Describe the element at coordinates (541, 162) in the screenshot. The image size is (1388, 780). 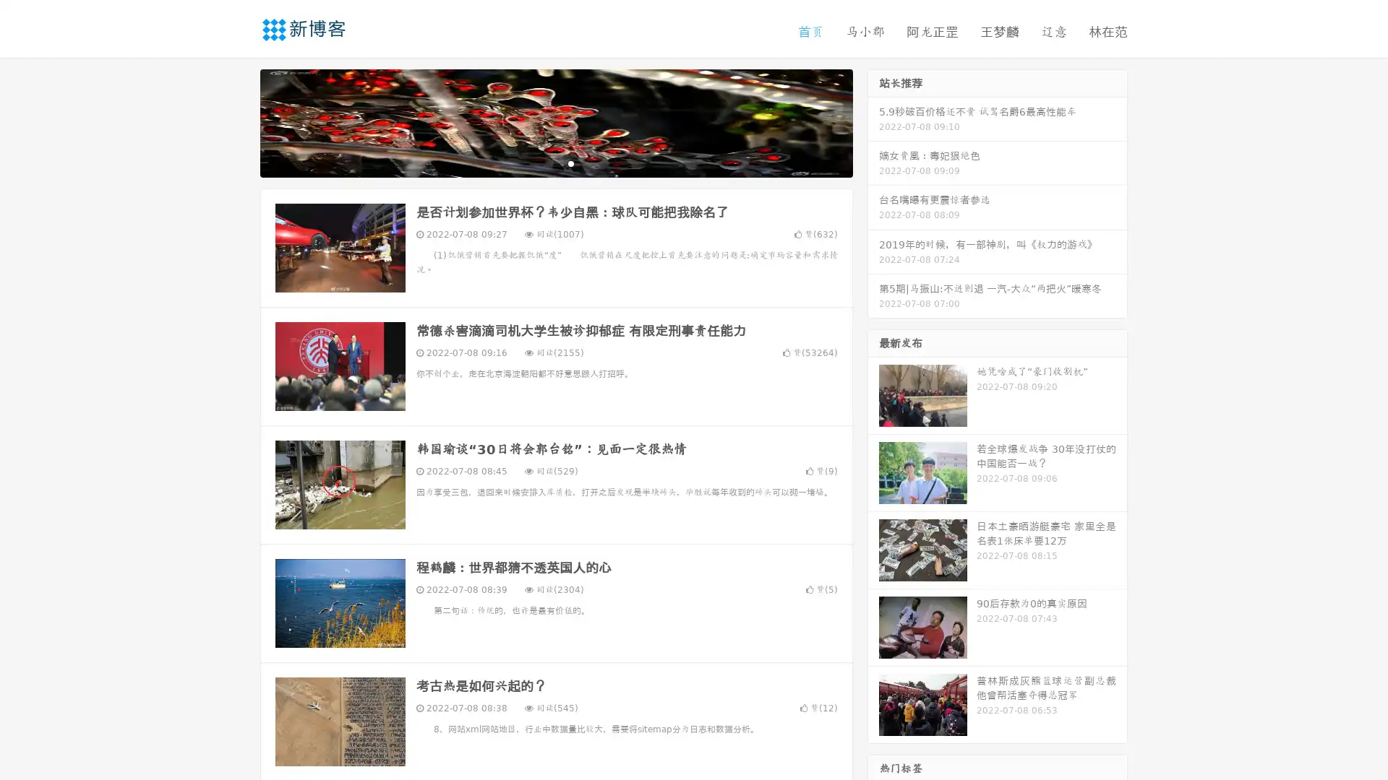
I see `Go to slide 1` at that location.